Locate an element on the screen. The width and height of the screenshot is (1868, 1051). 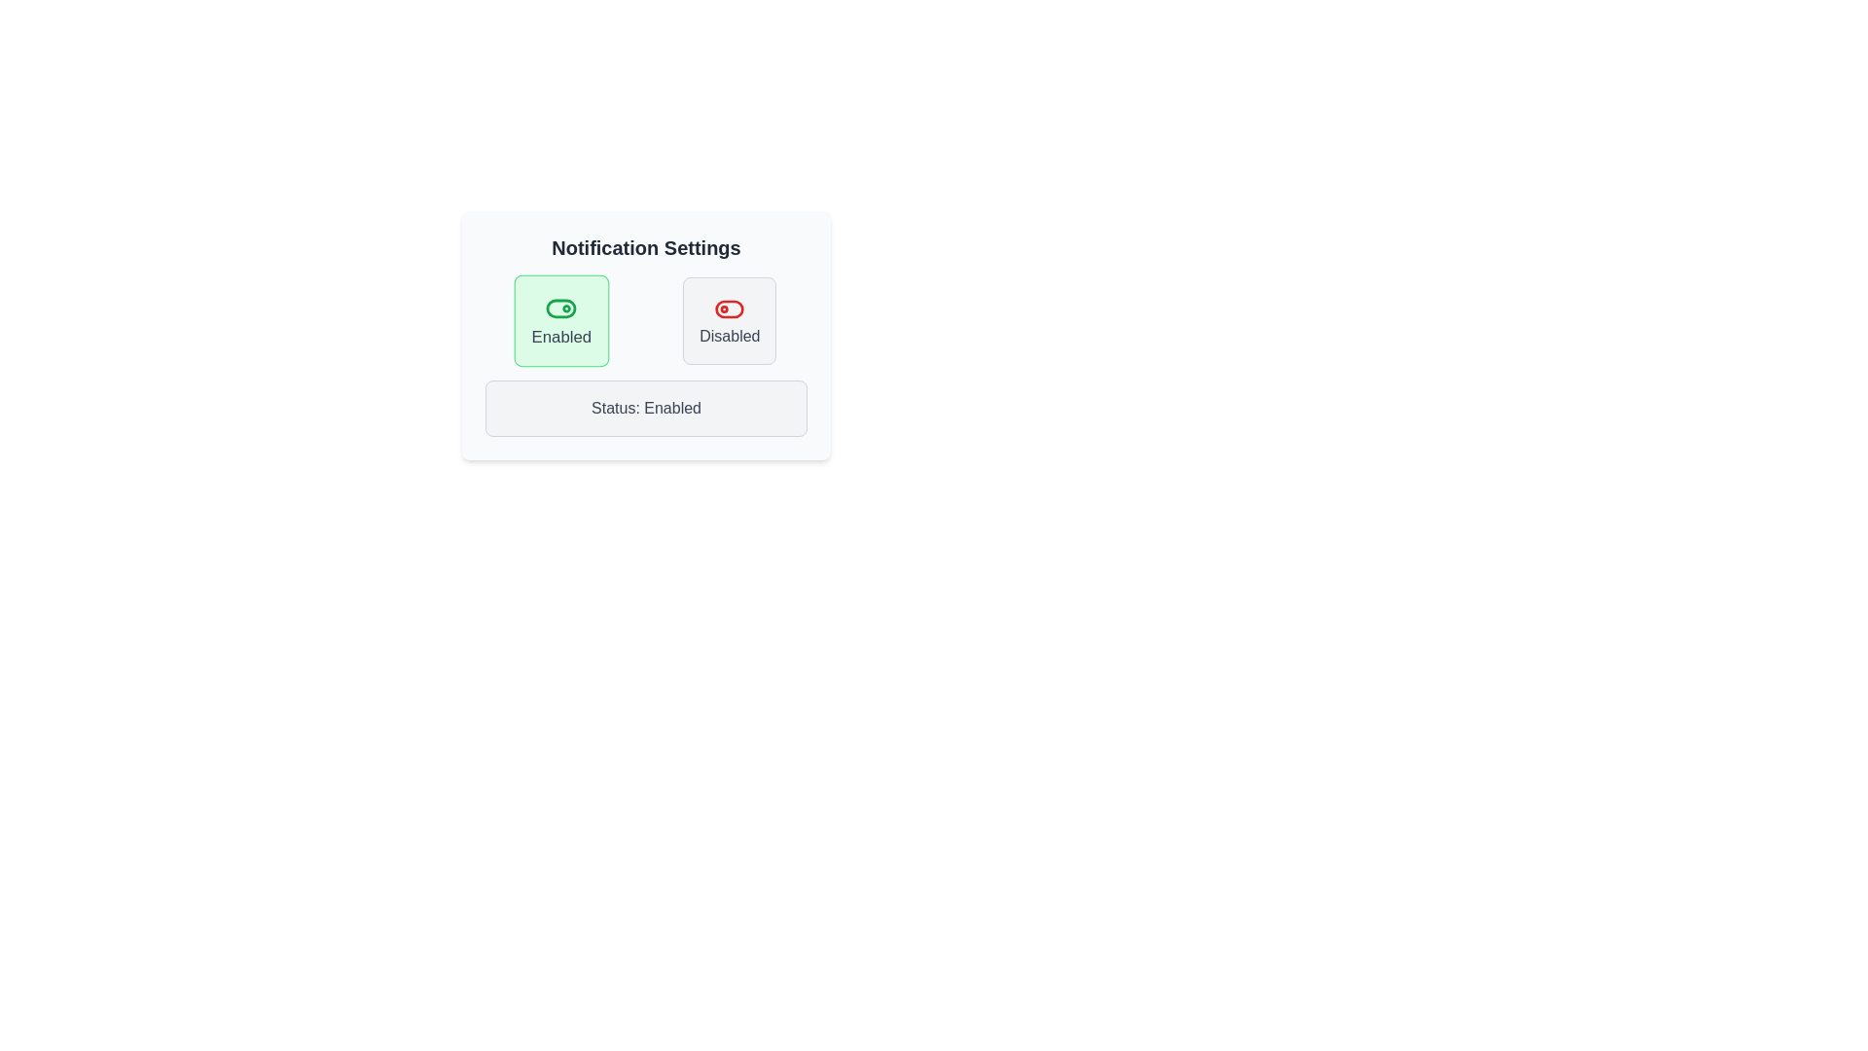
the text label indicating the section for notification settings, which is positioned above the toggles for 'Enabled' and 'Disabled' is located at coordinates (646, 246).